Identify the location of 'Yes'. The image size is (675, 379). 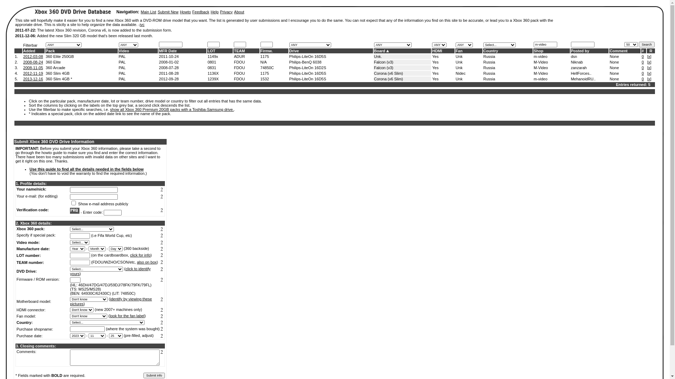
(431, 79).